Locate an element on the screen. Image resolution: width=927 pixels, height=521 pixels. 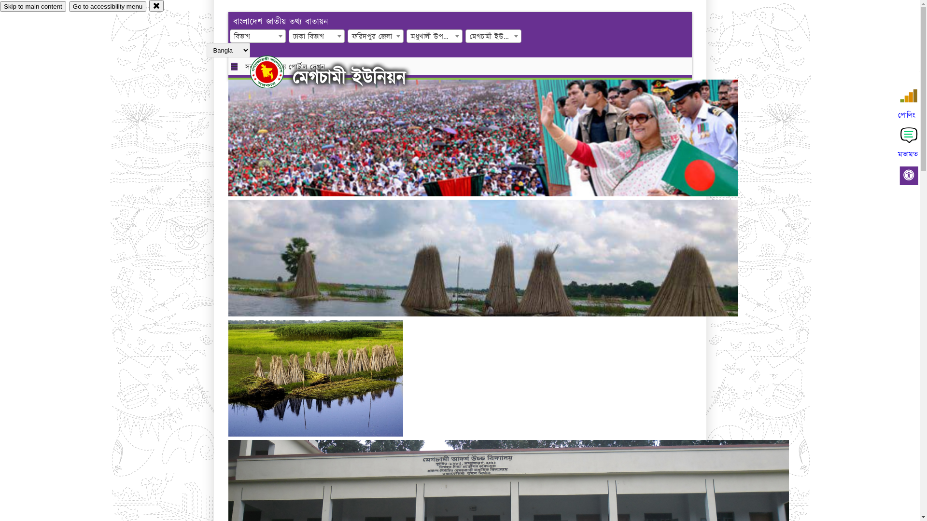
' is located at coordinates (250, 71).